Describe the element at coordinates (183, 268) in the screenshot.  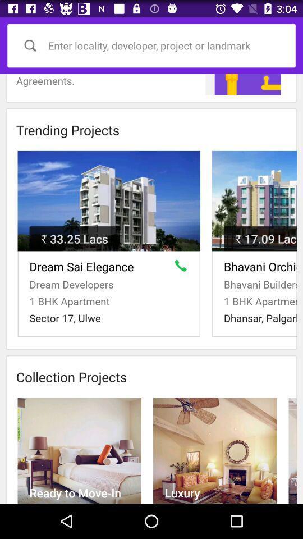
I see `call` at that location.